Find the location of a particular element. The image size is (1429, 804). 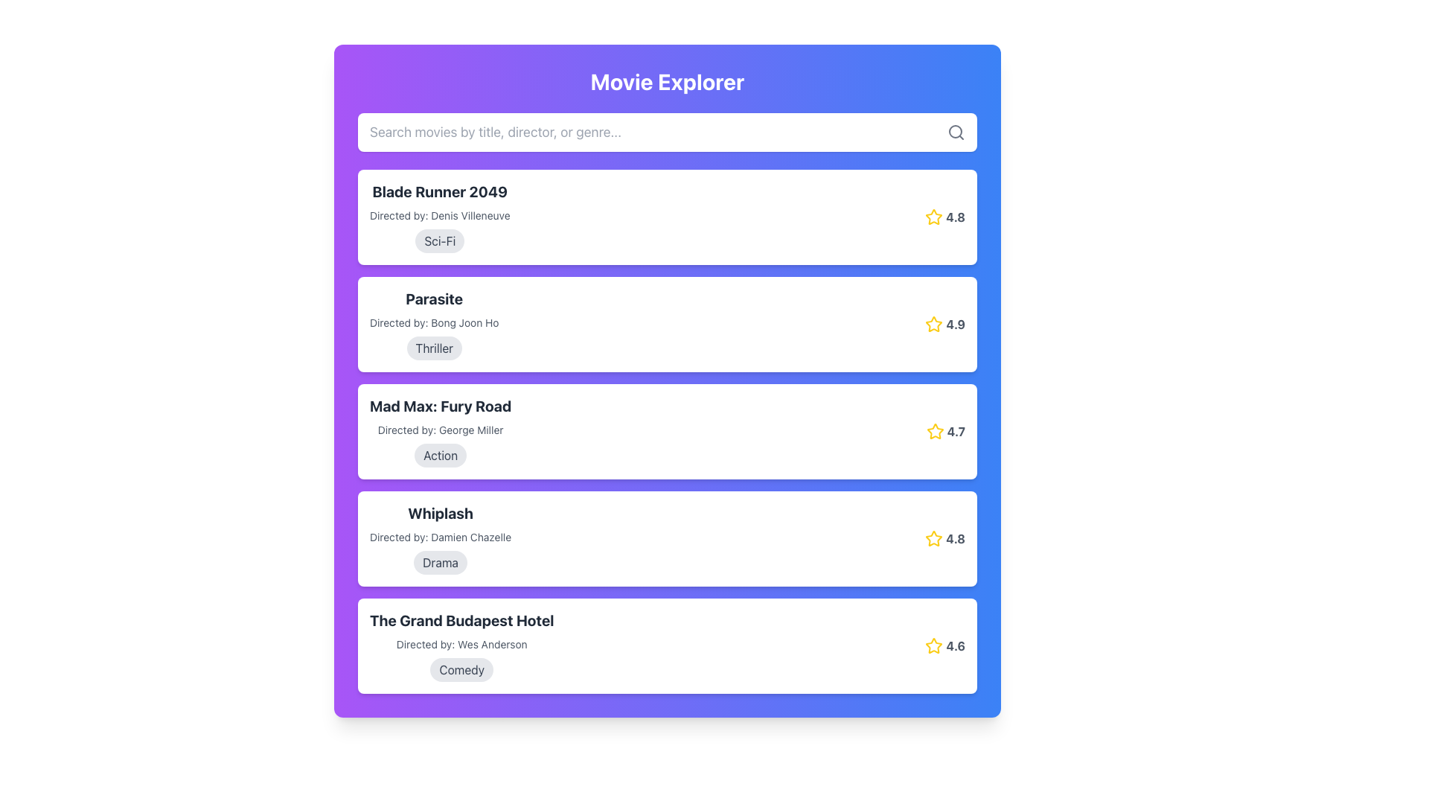

the rating display element for the movie 'Parasite', which features a yellow star icon and a rating of '4.9' in bold gray text is located at coordinates (944, 323).